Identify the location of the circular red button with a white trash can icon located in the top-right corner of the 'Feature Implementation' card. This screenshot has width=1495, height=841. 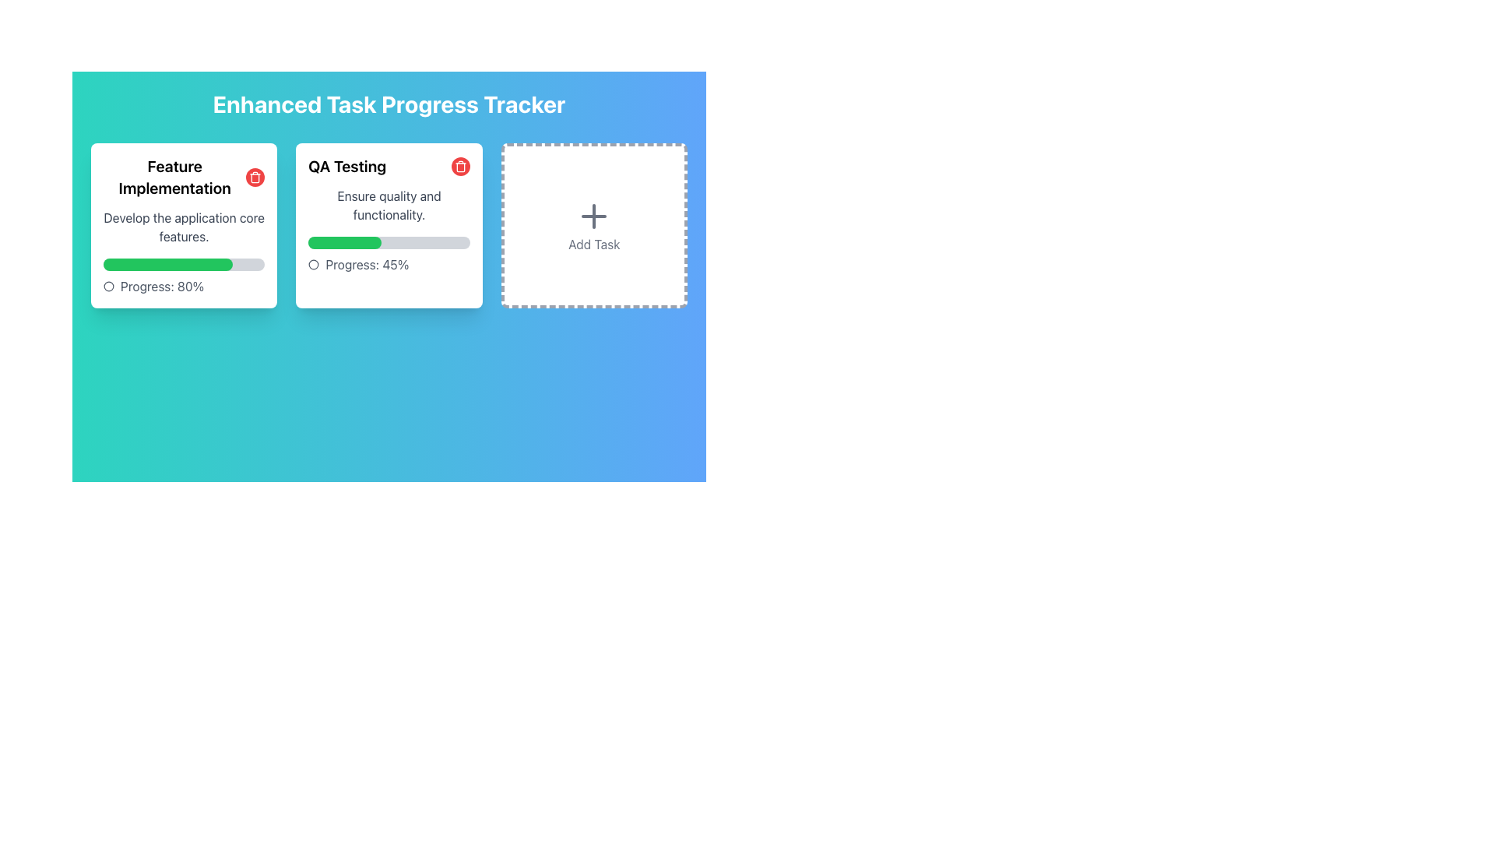
(255, 176).